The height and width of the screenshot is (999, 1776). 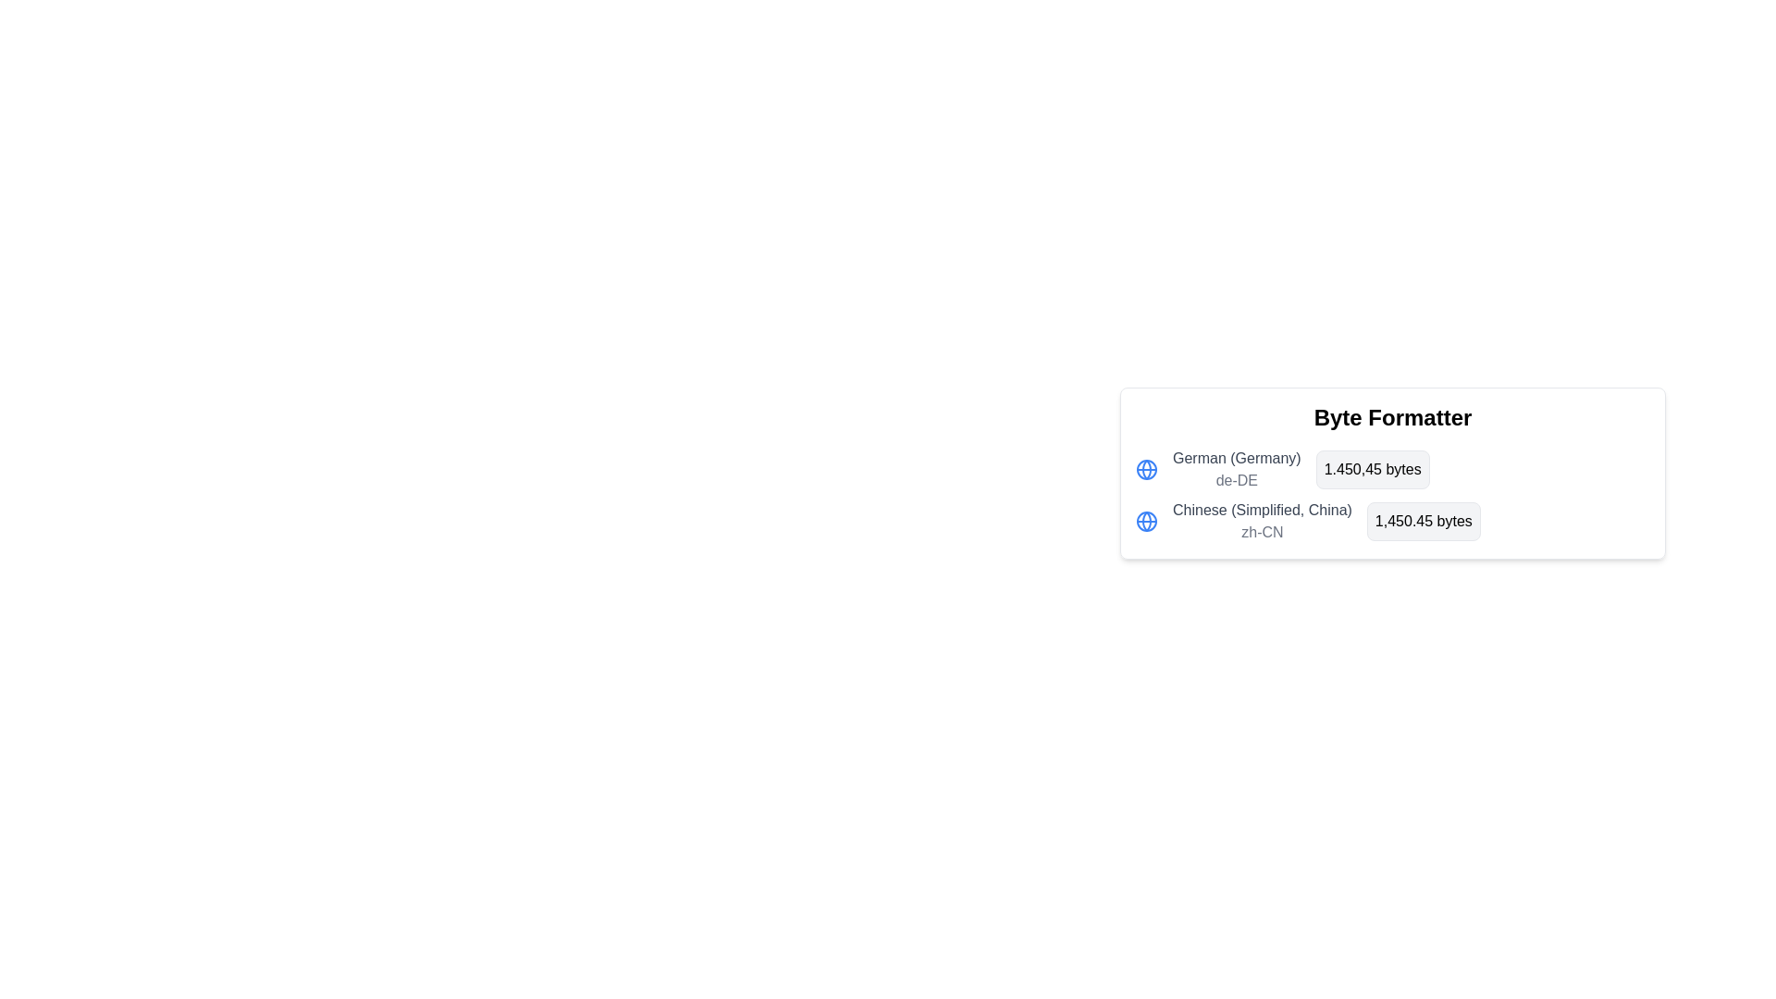 I want to click on the German language text label indicating the locale German (Germany), so click(x=1237, y=469).